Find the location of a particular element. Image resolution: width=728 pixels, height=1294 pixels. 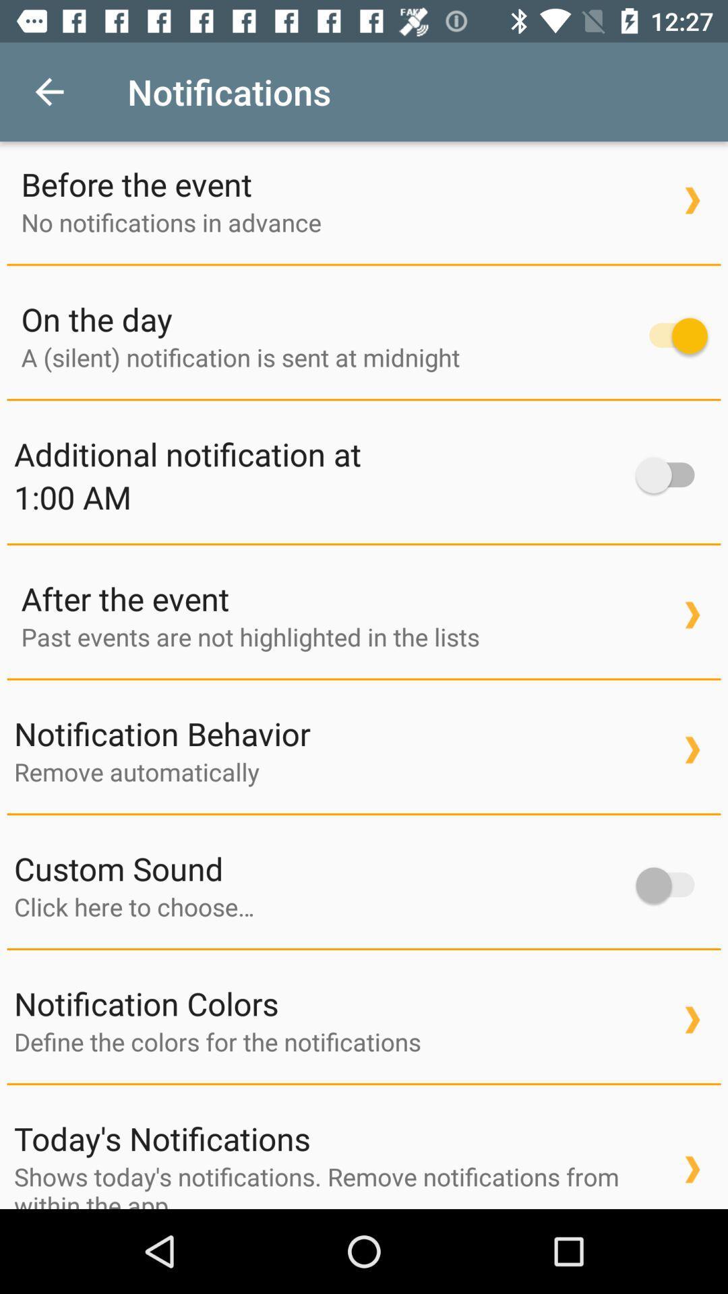

notification option is located at coordinates (671, 336).